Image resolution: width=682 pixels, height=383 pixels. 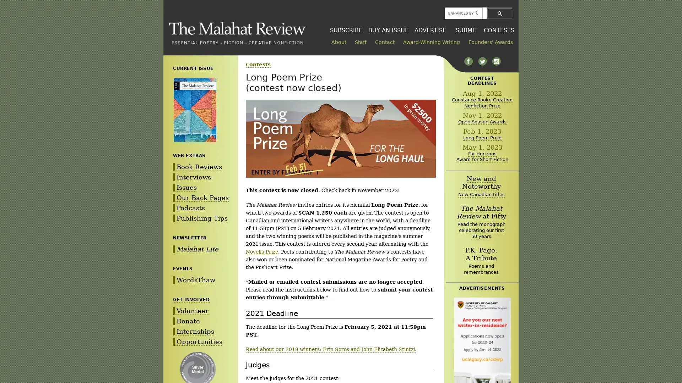 I want to click on search, so click(x=499, y=13).